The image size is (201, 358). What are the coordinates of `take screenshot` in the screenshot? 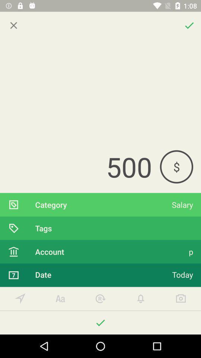 It's located at (181, 299).